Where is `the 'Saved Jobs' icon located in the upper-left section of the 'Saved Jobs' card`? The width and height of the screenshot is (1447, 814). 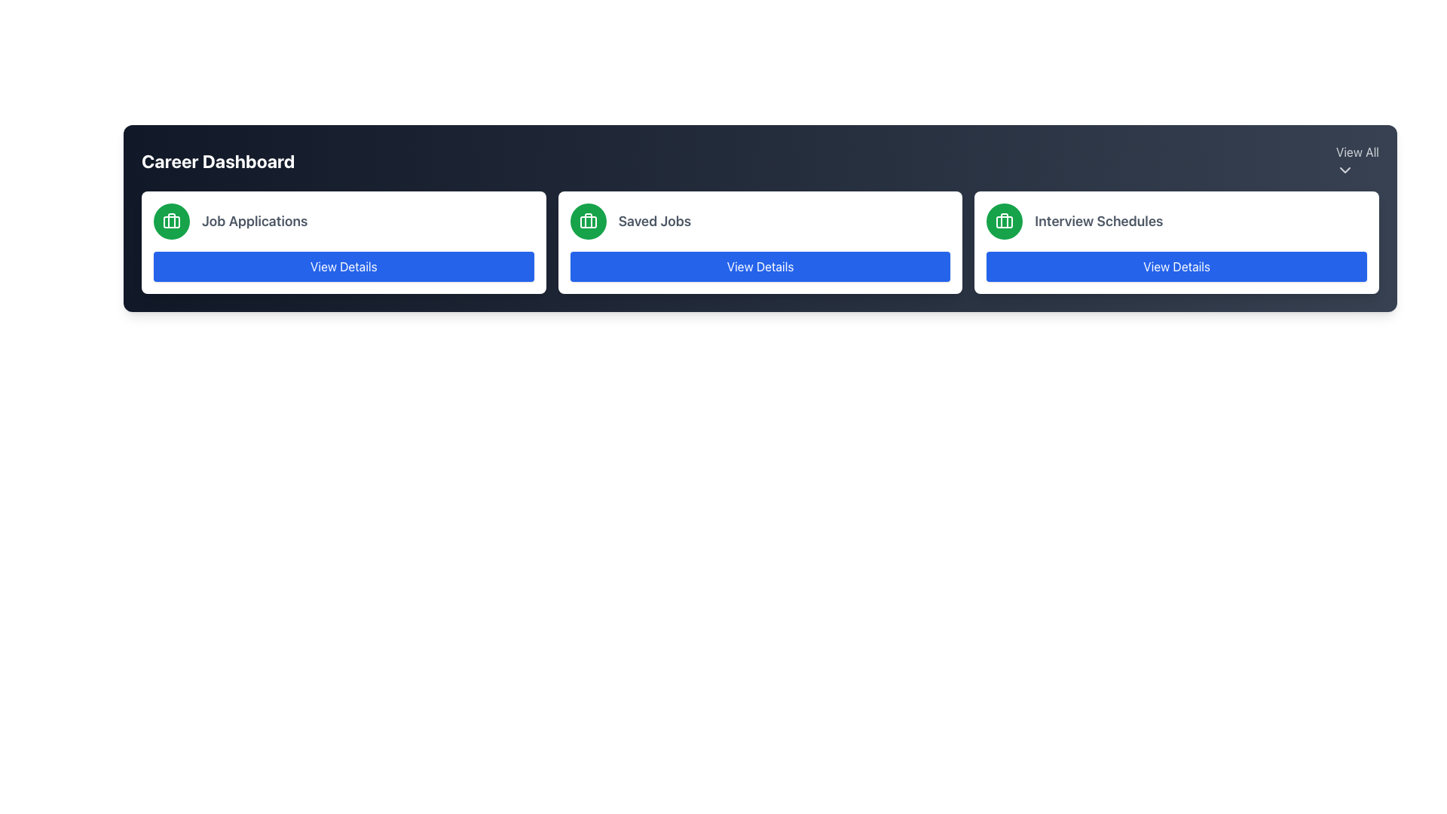 the 'Saved Jobs' icon located in the upper-left section of the 'Saved Jobs' card is located at coordinates (587, 221).